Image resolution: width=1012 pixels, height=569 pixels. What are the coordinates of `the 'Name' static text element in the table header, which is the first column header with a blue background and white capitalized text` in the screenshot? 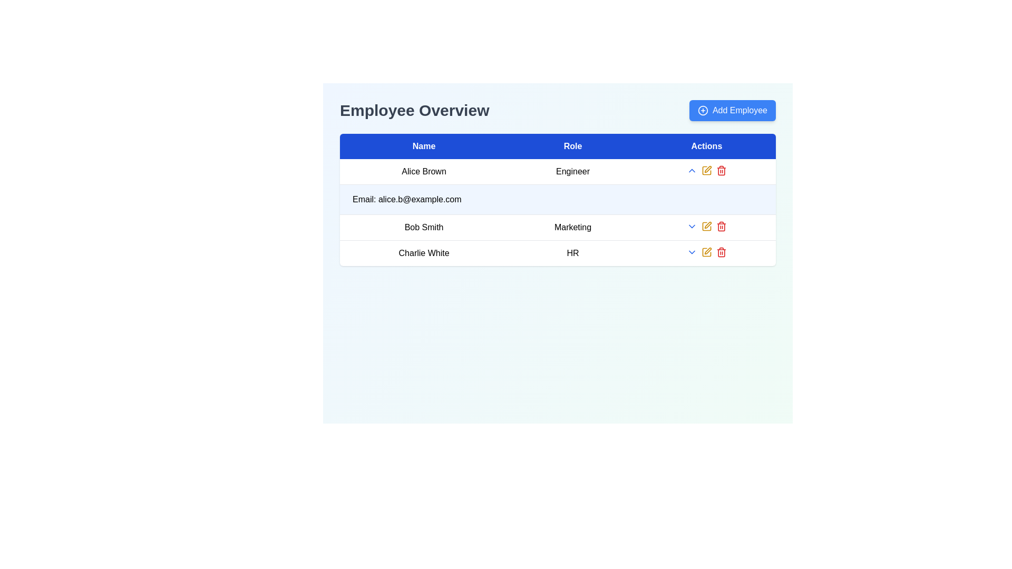 It's located at (424, 146).